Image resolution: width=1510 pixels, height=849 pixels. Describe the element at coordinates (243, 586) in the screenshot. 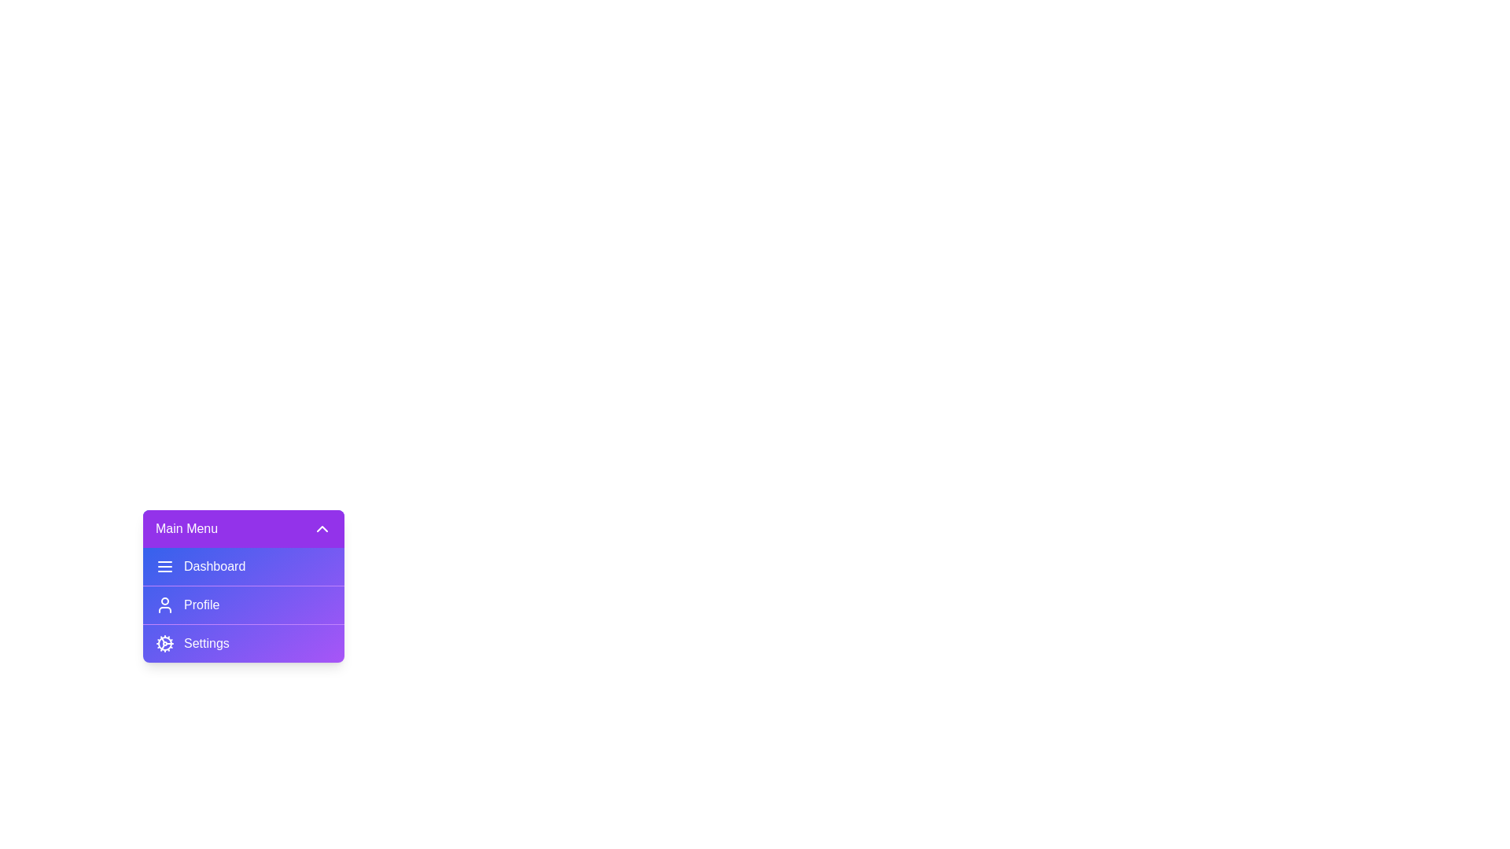

I see `the Dropdown Menu Widget` at that location.